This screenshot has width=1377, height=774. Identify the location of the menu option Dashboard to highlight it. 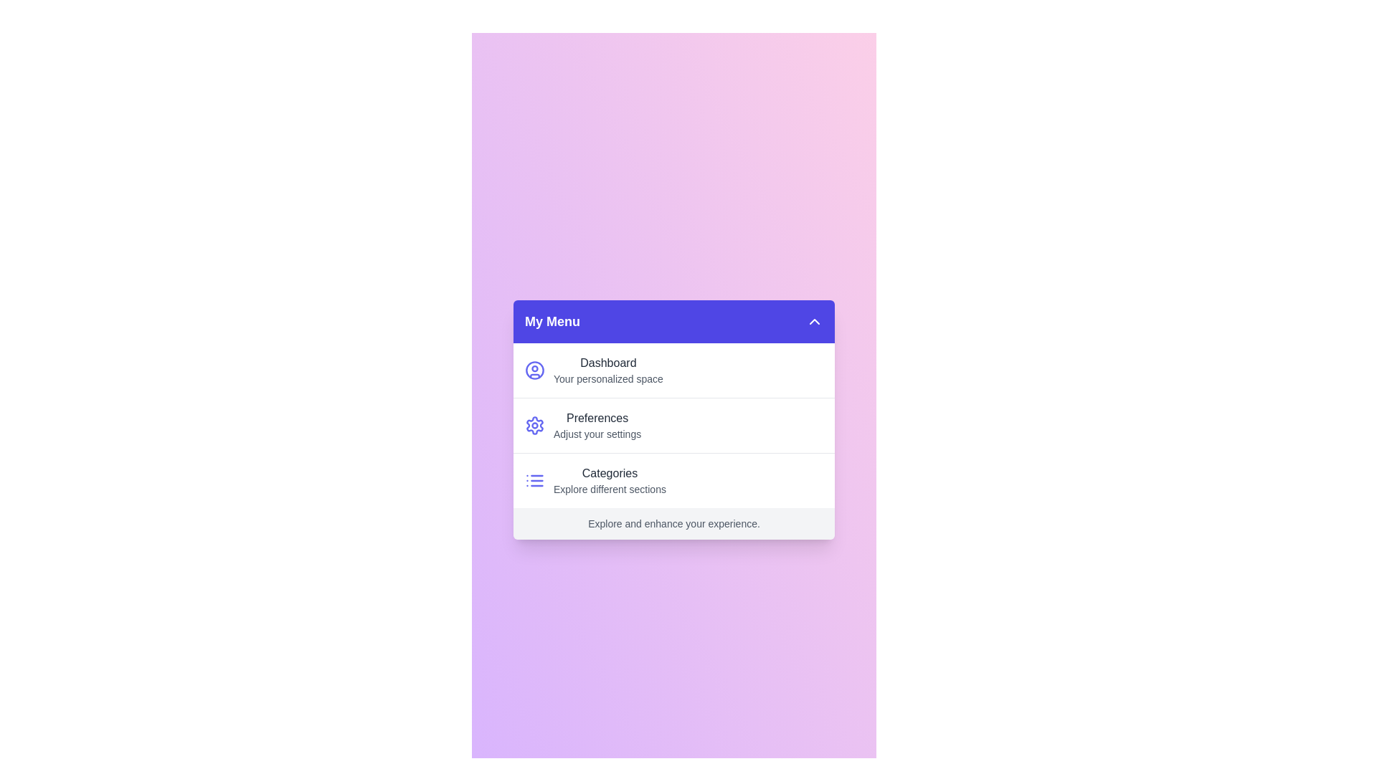
(673, 369).